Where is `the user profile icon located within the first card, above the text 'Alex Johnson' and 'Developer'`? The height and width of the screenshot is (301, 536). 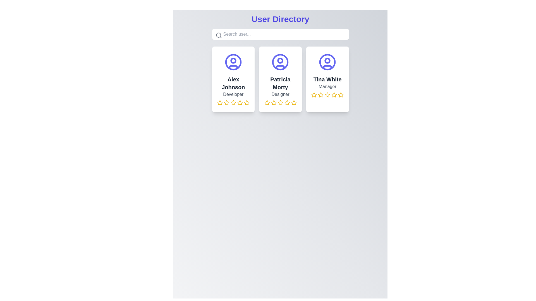
the user profile icon located within the first card, above the text 'Alex Johnson' and 'Developer' is located at coordinates (233, 62).